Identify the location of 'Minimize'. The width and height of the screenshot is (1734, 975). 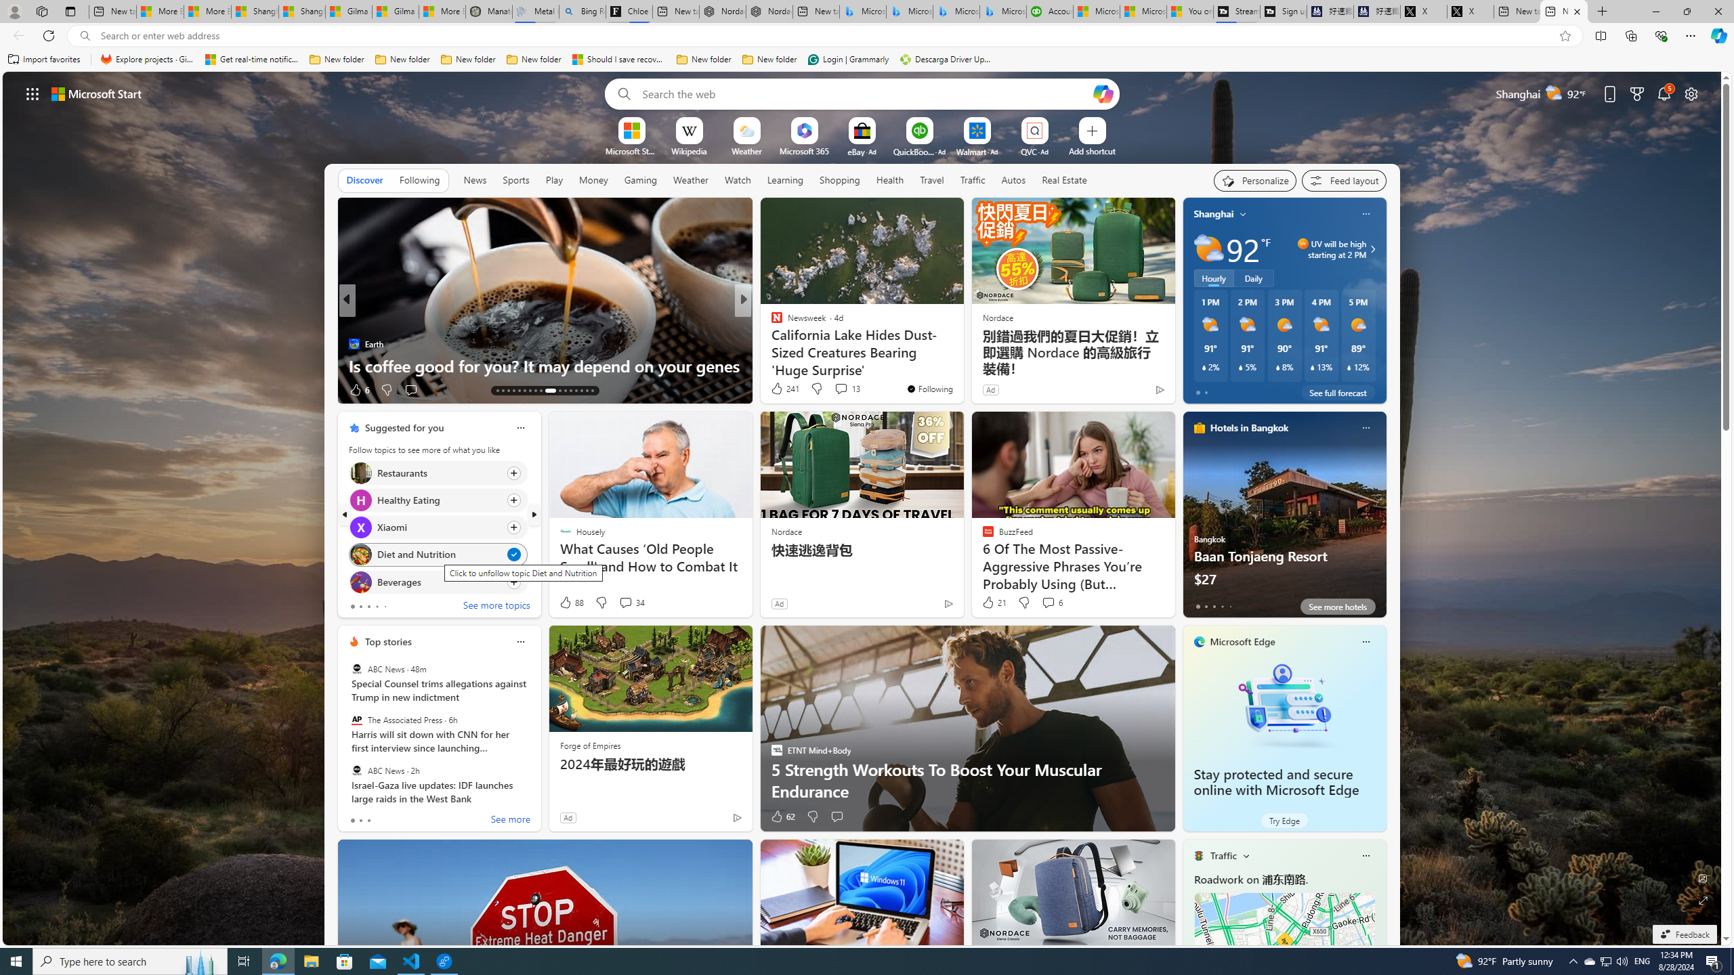
(1655, 11).